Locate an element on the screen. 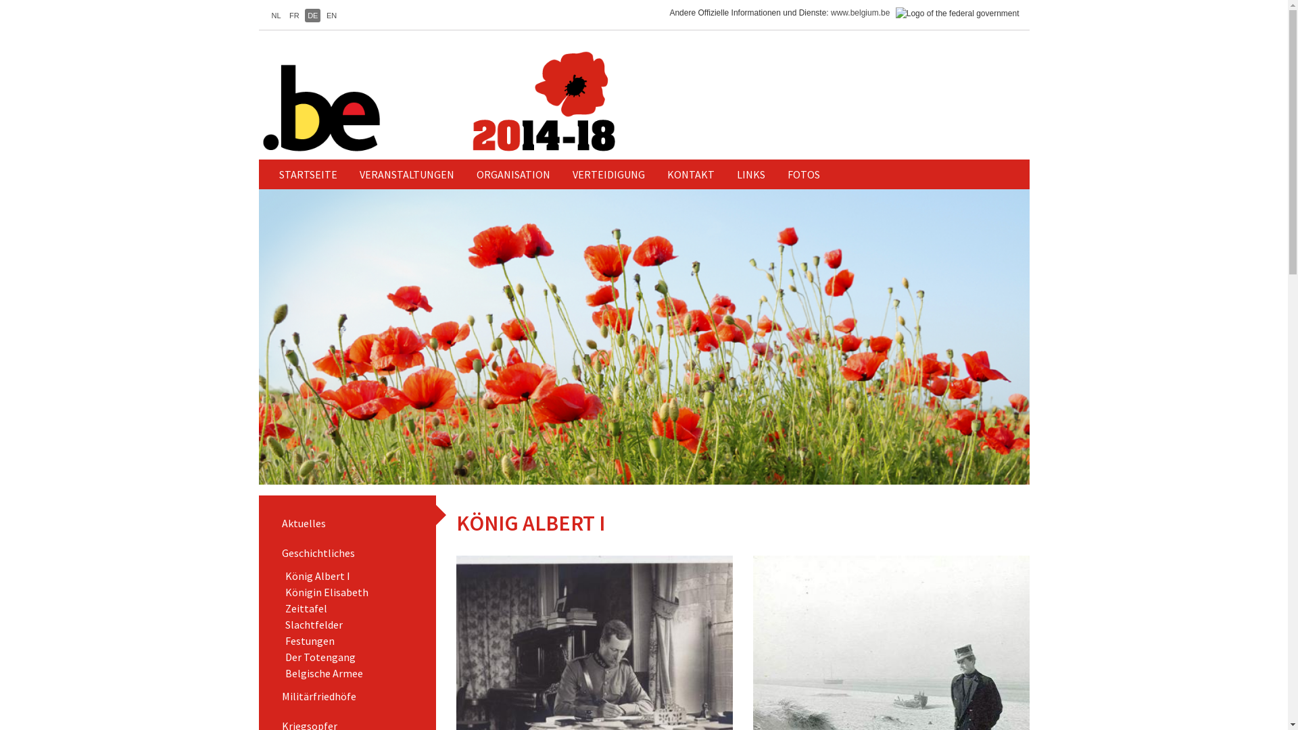 The width and height of the screenshot is (1298, 730). 'Belgische Armee' is located at coordinates (323, 673).